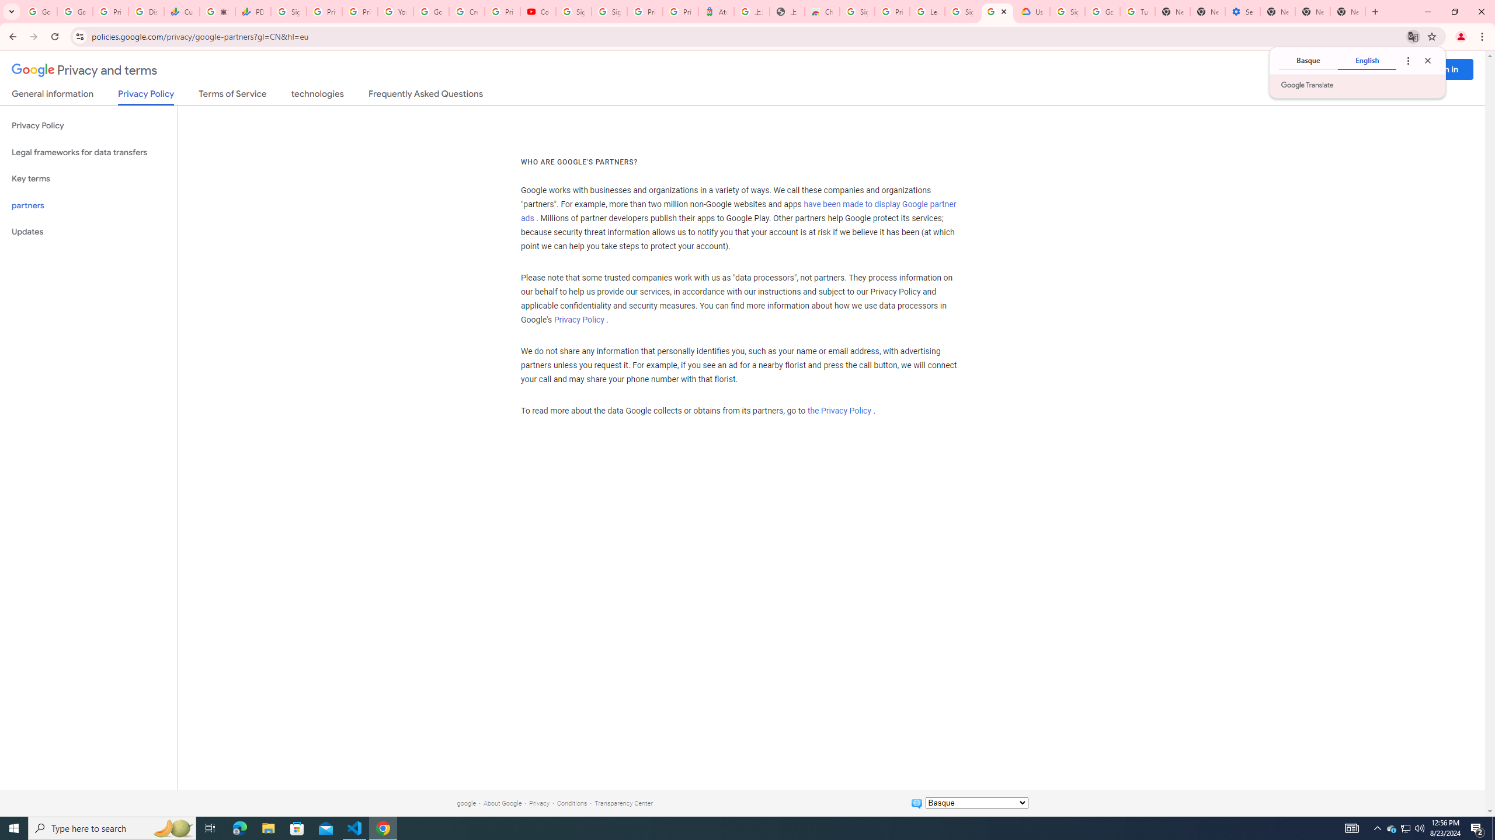 The height and width of the screenshot is (840, 1495). Describe the element at coordinates (1493, 827) in the screenshot. I see `'Show desktop'` at that location.